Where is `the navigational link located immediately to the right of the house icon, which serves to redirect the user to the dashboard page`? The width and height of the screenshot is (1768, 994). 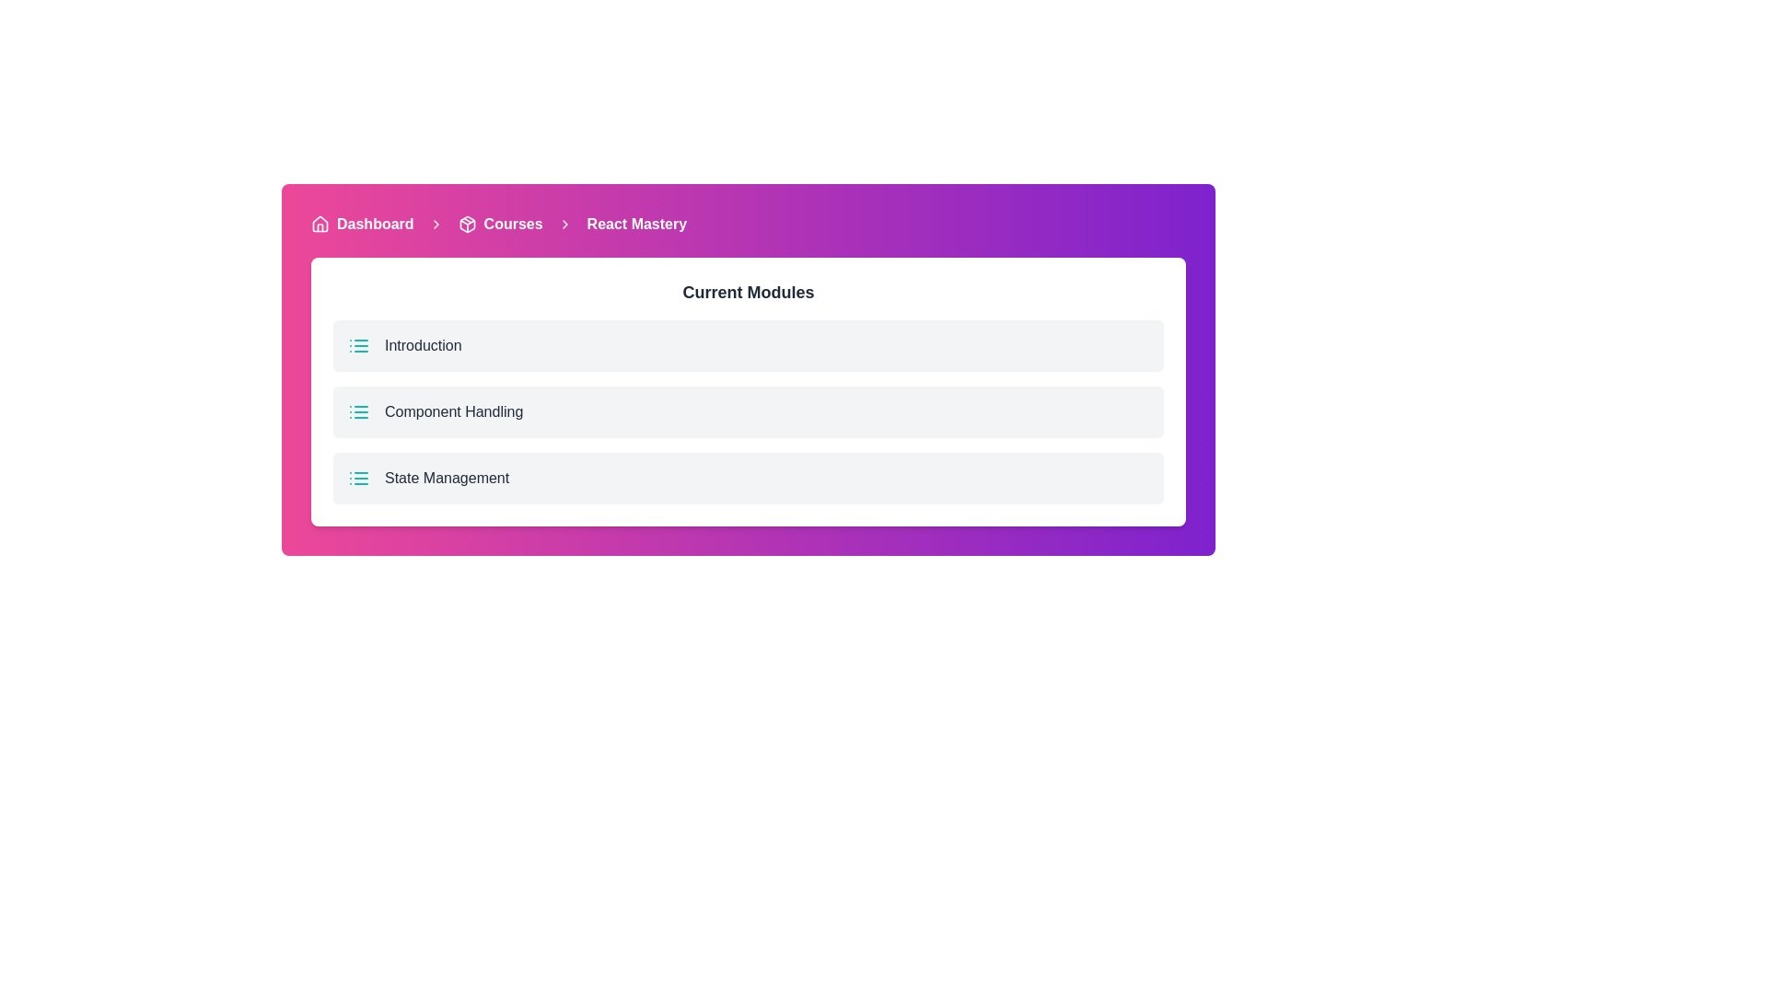 the navigational link located immediately to the right of the house icon, which serves to redirect the user to the dashboard page is located at coordinates (374, 223).